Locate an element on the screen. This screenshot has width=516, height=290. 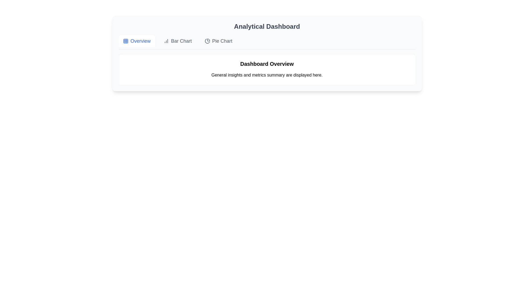
the Pie Chart tab icon located in the navigation bar, which is positioned to the right of the 'Bar Chart' tab and to the left of the 'Pie Chart' text label is located at coordinates (207, 41).